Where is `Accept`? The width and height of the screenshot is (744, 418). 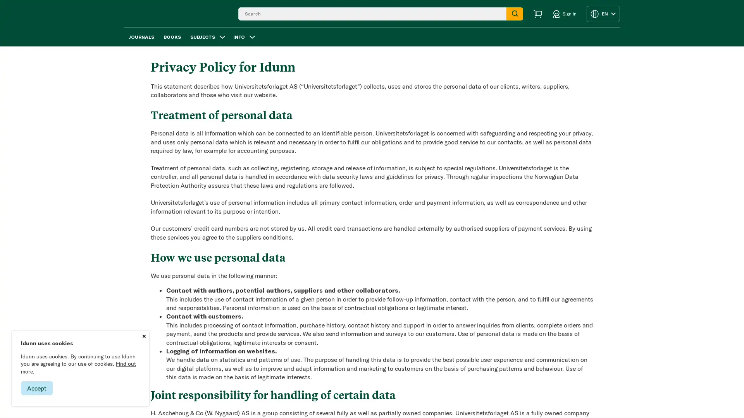 Accept is located at coordinates (36, 388).